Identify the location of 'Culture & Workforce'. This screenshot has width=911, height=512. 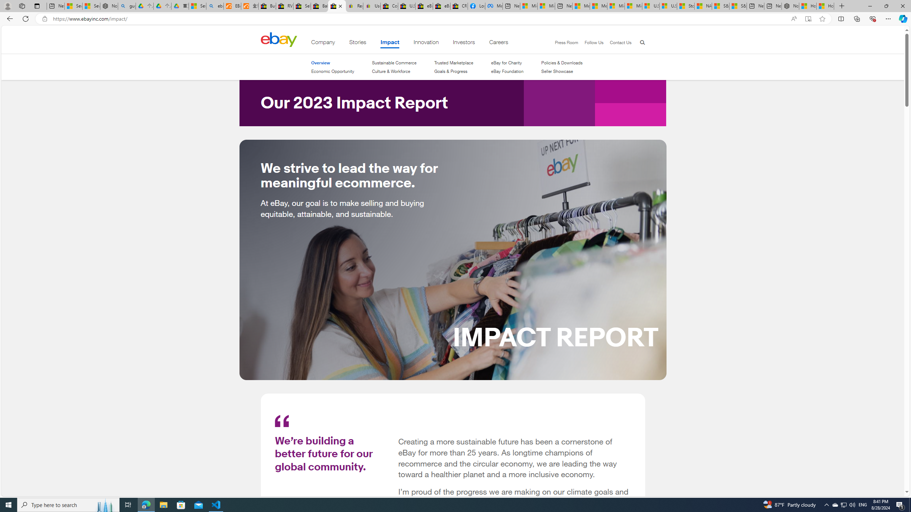
(394, 71).